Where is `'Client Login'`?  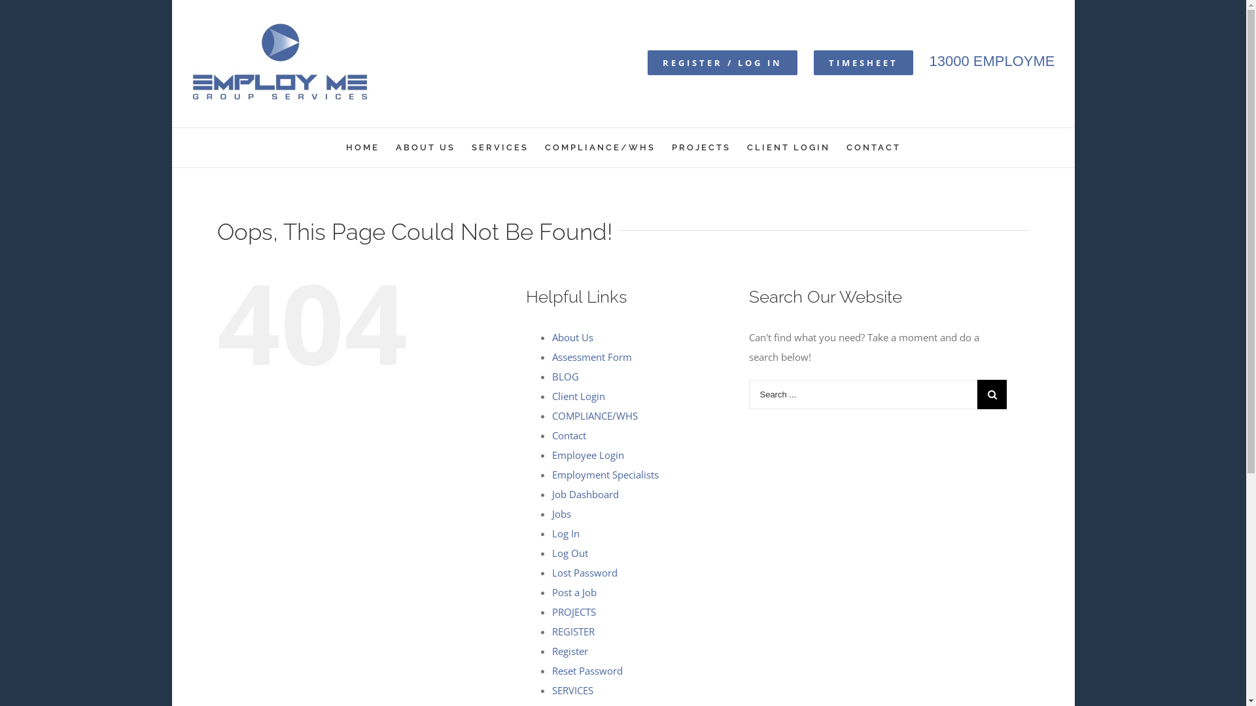
'Client Login' is located at coordinates (552, 395).